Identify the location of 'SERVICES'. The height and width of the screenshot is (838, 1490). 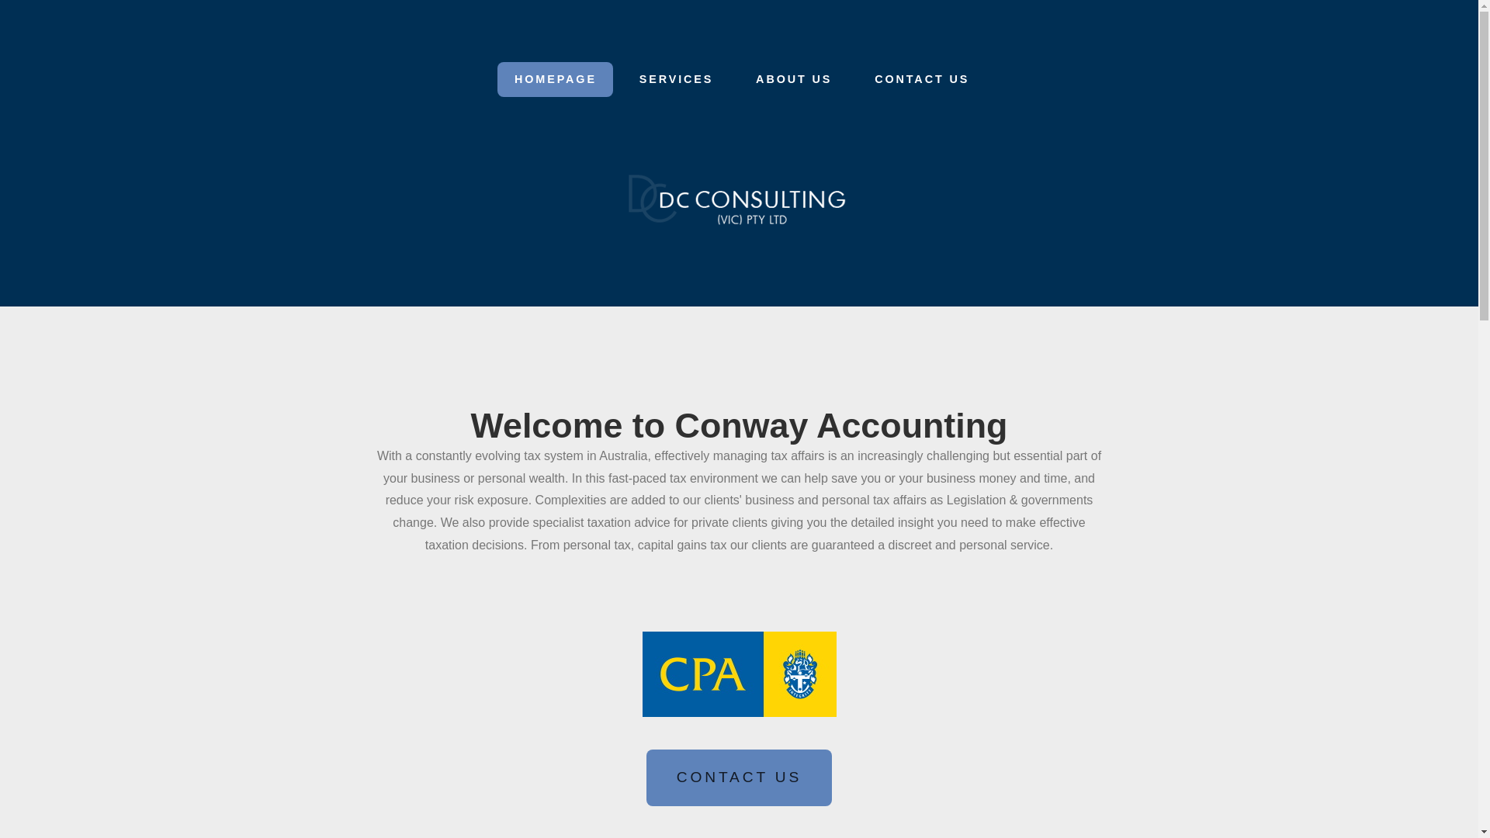
(676, 79).